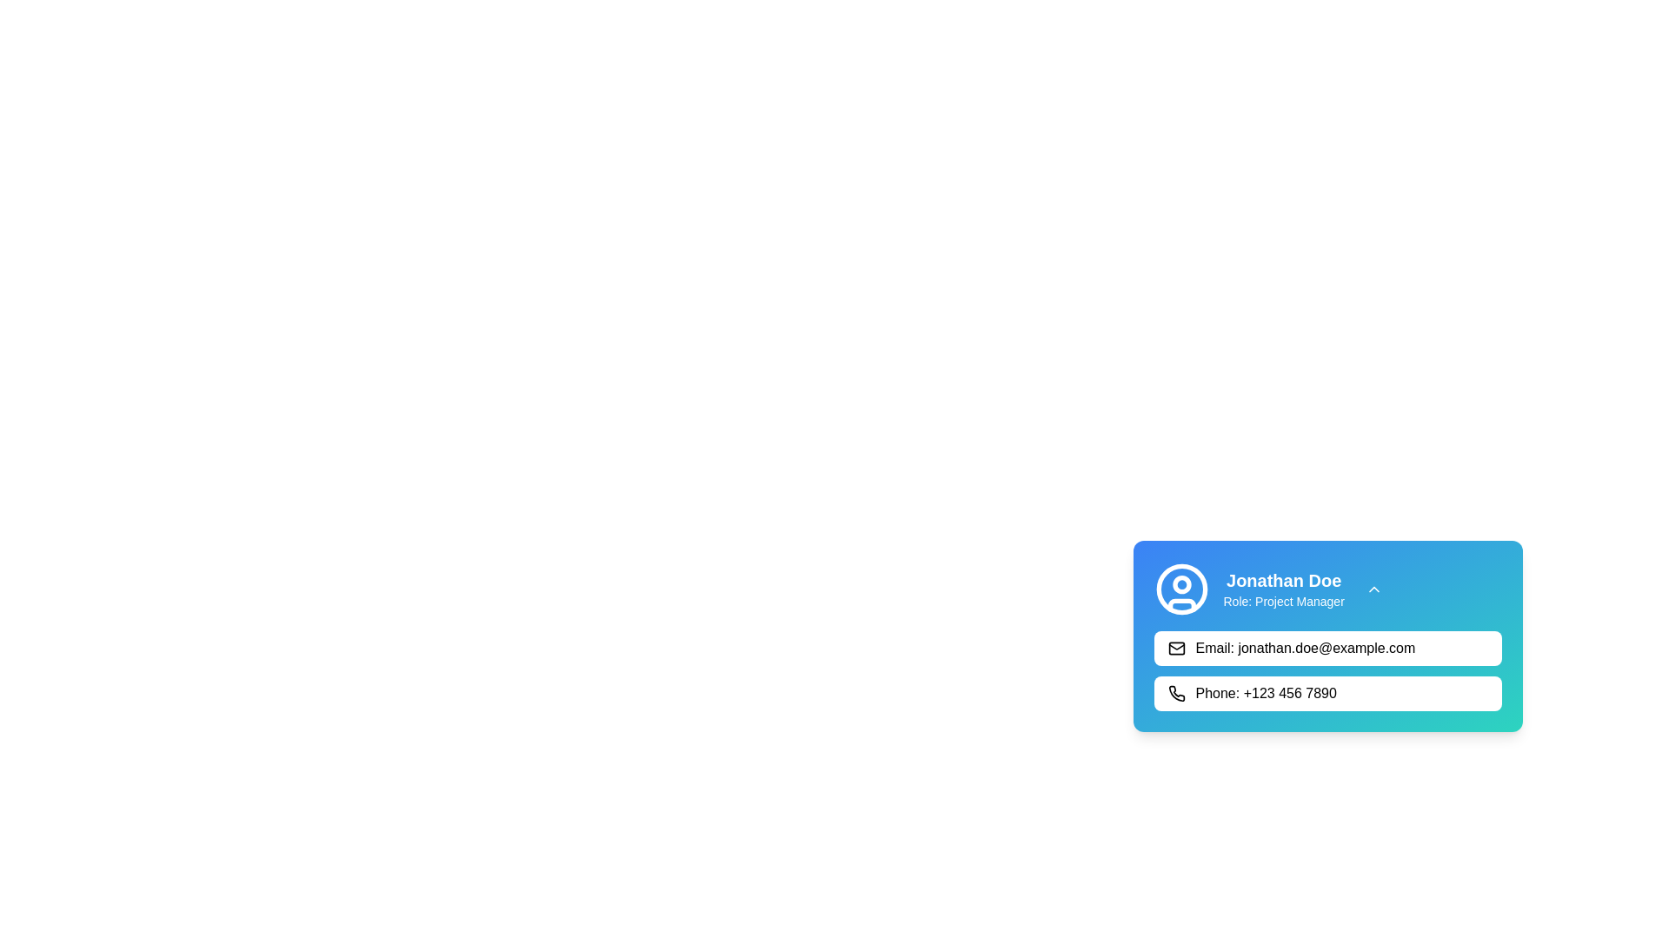 The width and height of the screenshot is (1669, 939). Describe the element at coordinates (1284, 600) in the screenshot. I see `text label displaying 'Role: Project Manager' located below the name 'Jonathan Doe' within the user profile card` at that location.